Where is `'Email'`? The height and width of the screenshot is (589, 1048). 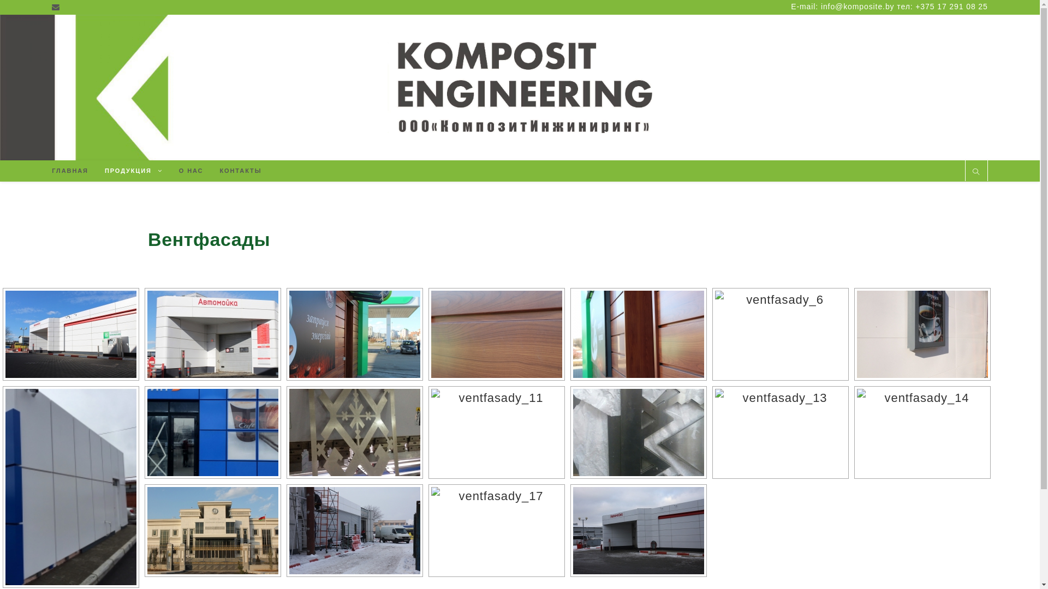 'Email' is located at coordinates (57, 6).